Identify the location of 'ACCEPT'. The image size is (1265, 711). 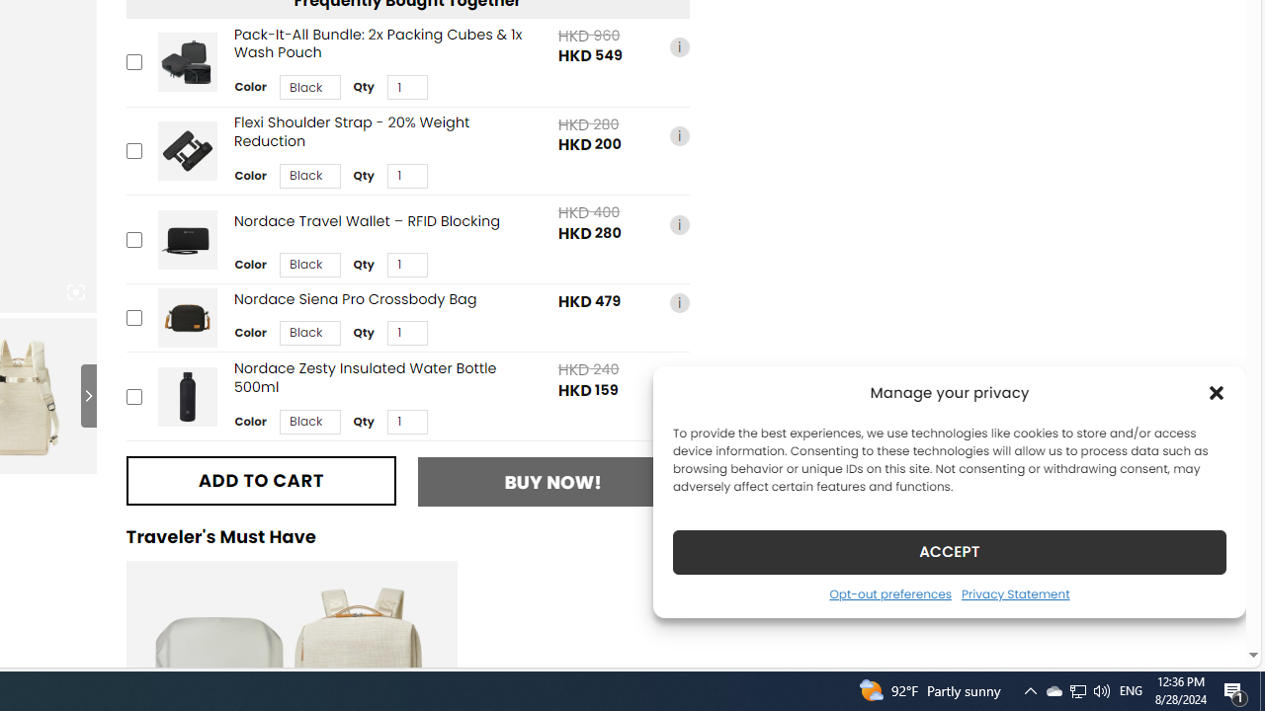
(950, 551).